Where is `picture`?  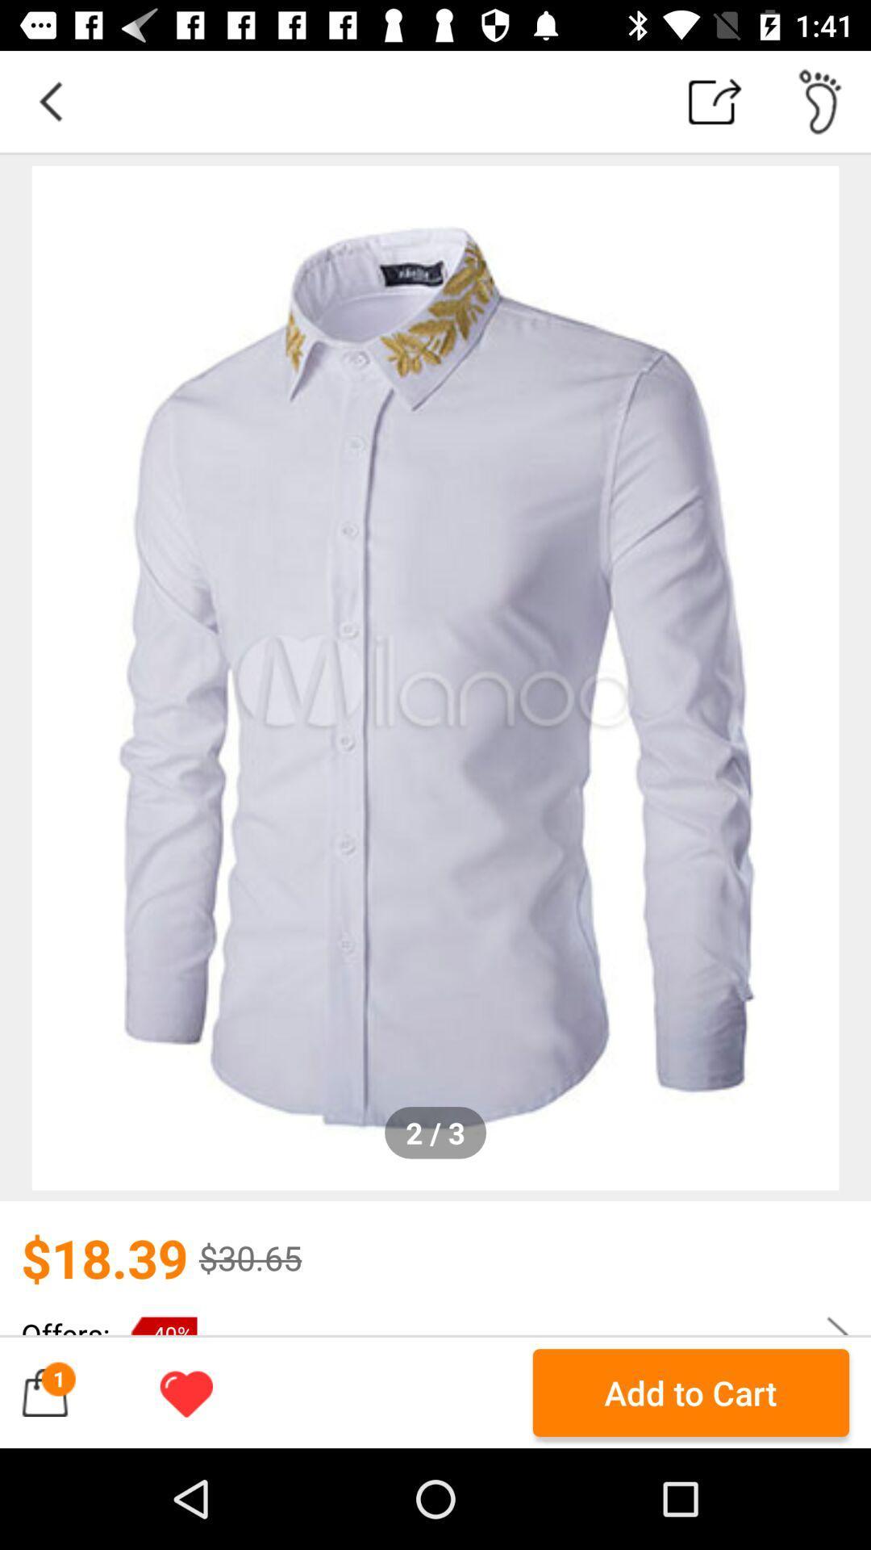 picture is located at coordinates (435, 678).